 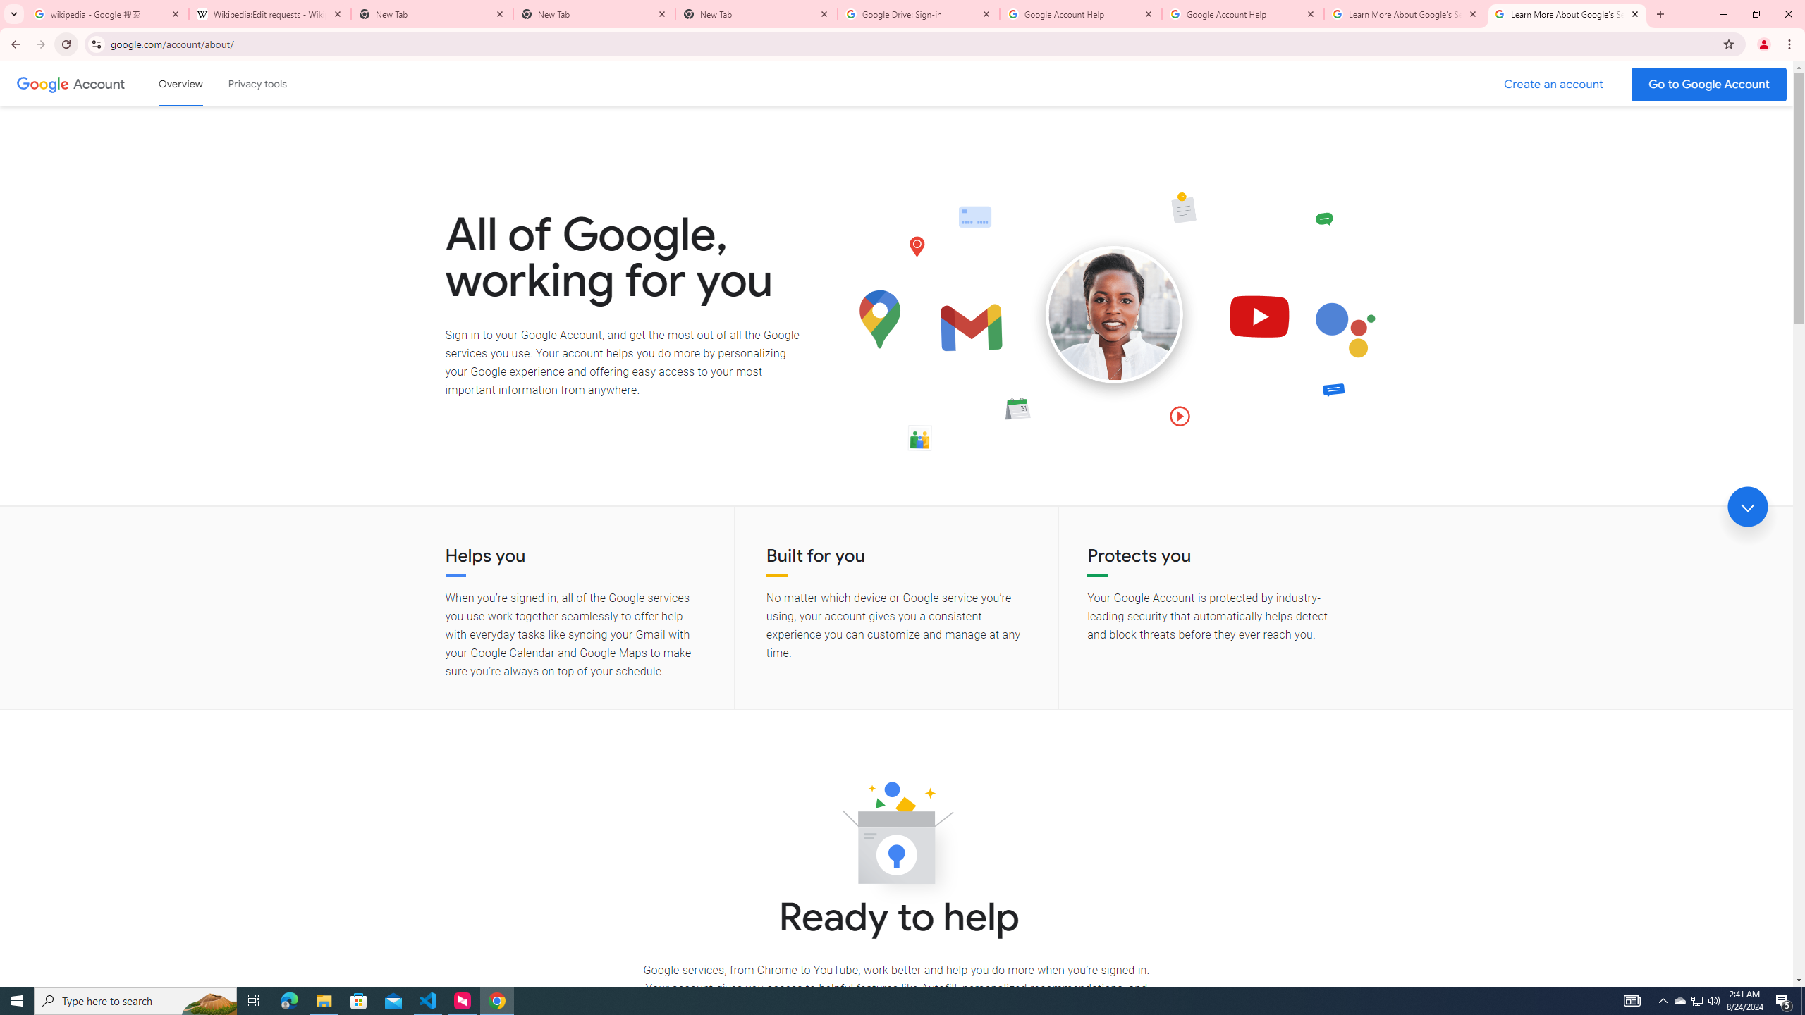 I want to click on 'Wikipedia:Edit requests - Wikipedia', so click(x=269, y=13).